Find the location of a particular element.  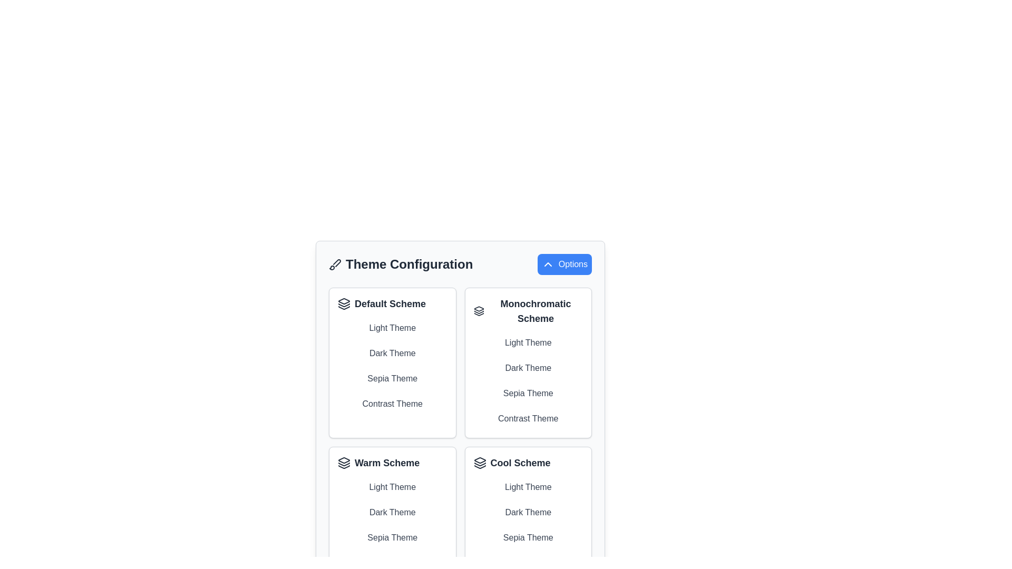

the 'Dark Theme' text button located within the 'Monochromatic Scheme' card is located at coordinates (528, 362).